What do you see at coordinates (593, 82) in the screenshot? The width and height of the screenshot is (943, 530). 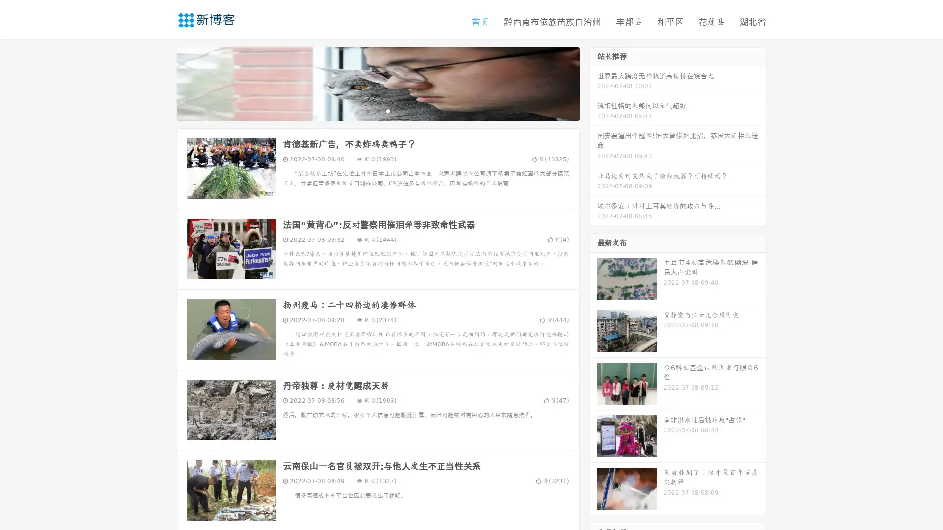 I see `Next slide` at bounding box center [593, 82].